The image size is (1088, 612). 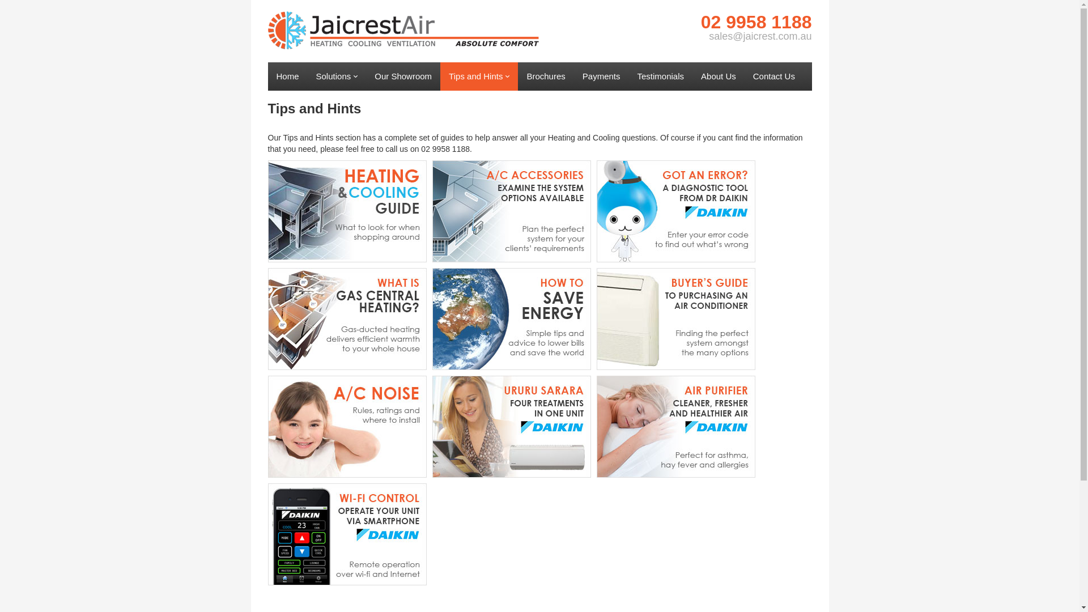 What do you see at coordinates (756, 22) in the screenshot?
I see `'02 9958 1188'` at bounding box center [756, 22].